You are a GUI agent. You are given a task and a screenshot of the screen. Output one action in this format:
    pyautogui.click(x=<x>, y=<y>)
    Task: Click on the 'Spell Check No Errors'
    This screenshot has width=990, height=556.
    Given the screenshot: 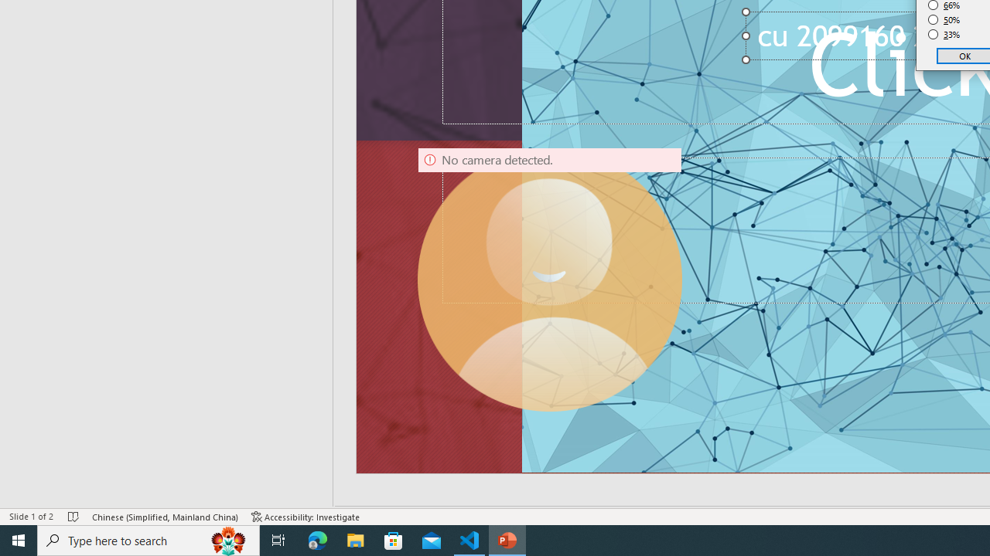 What is the action you would take?
    pyautogui.click(x=73, y=517)
    